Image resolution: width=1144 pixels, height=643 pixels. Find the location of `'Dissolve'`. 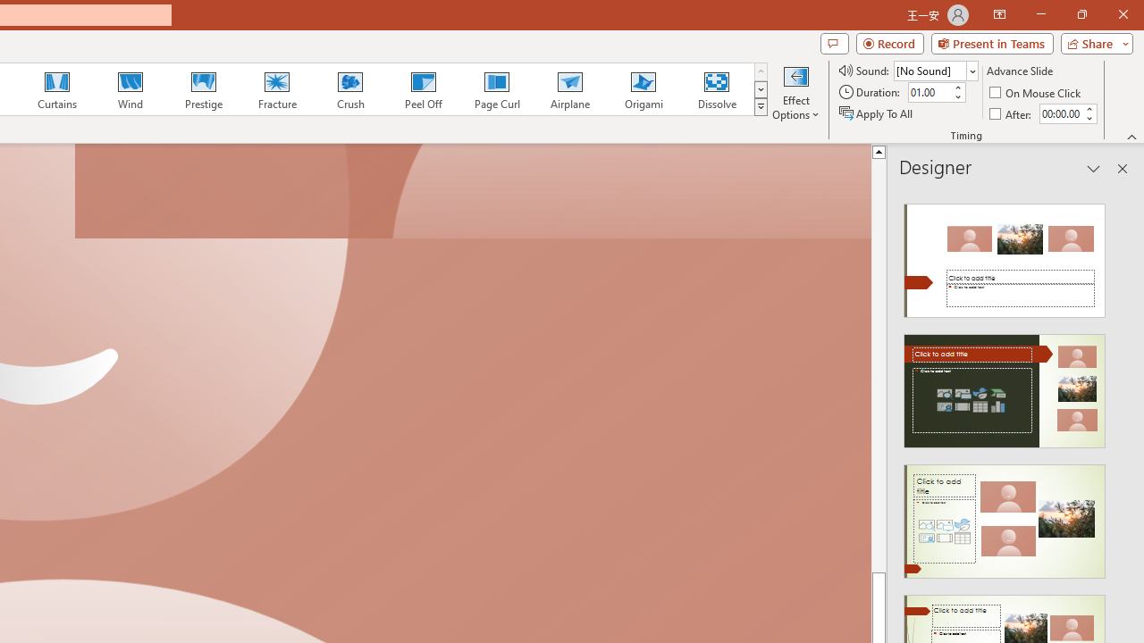

'Dissolve' is located at coordinates (717, 89).